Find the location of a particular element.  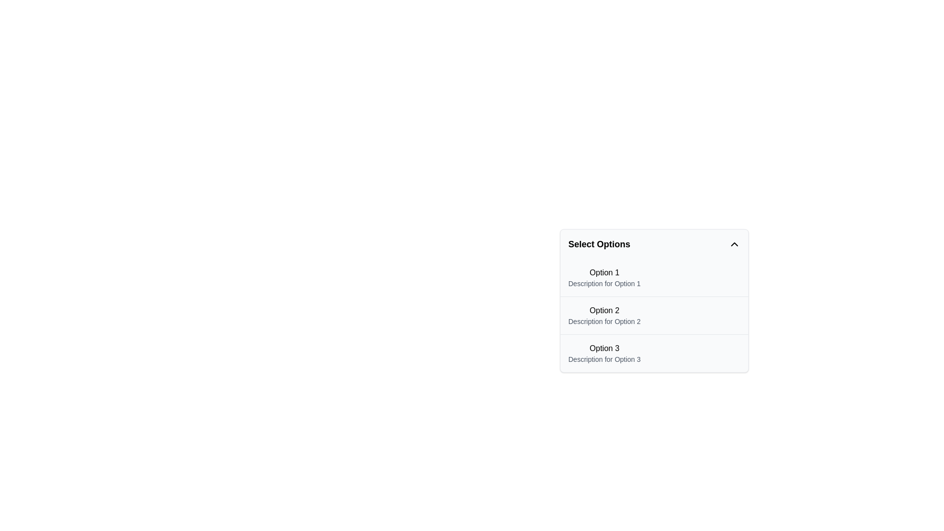

the text label reading 'Description for Option 1', which is positioned immediately below the 'Option 1' header in a dropdown interface is located at coordinates (604, 284).